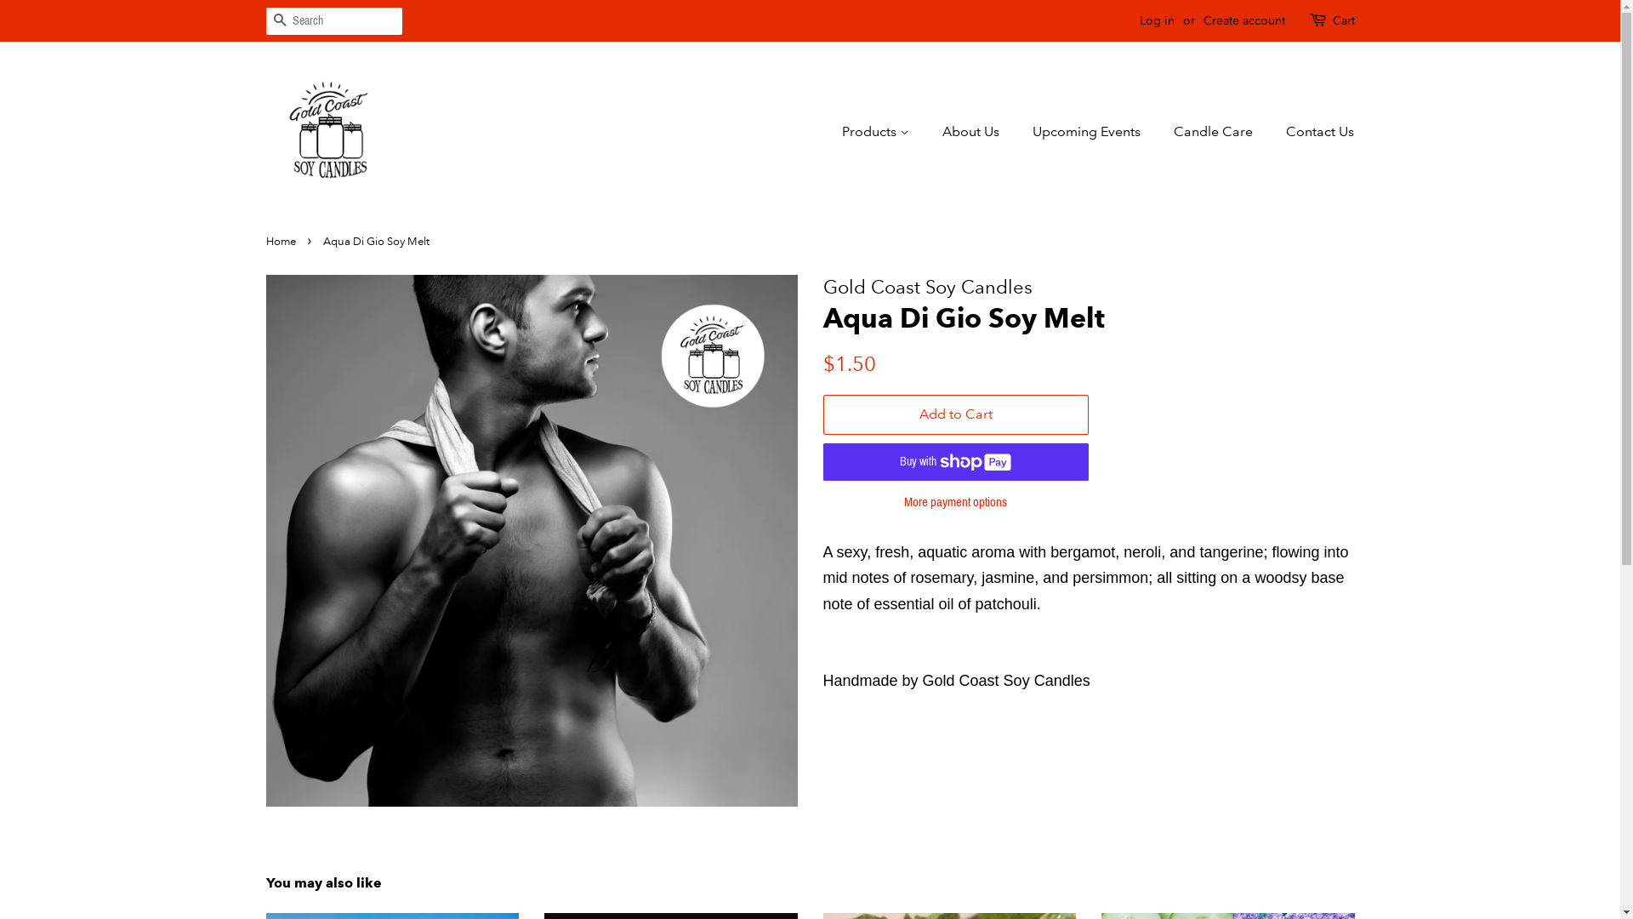  I want to click on 'Contact Us', so click(1312, 130).